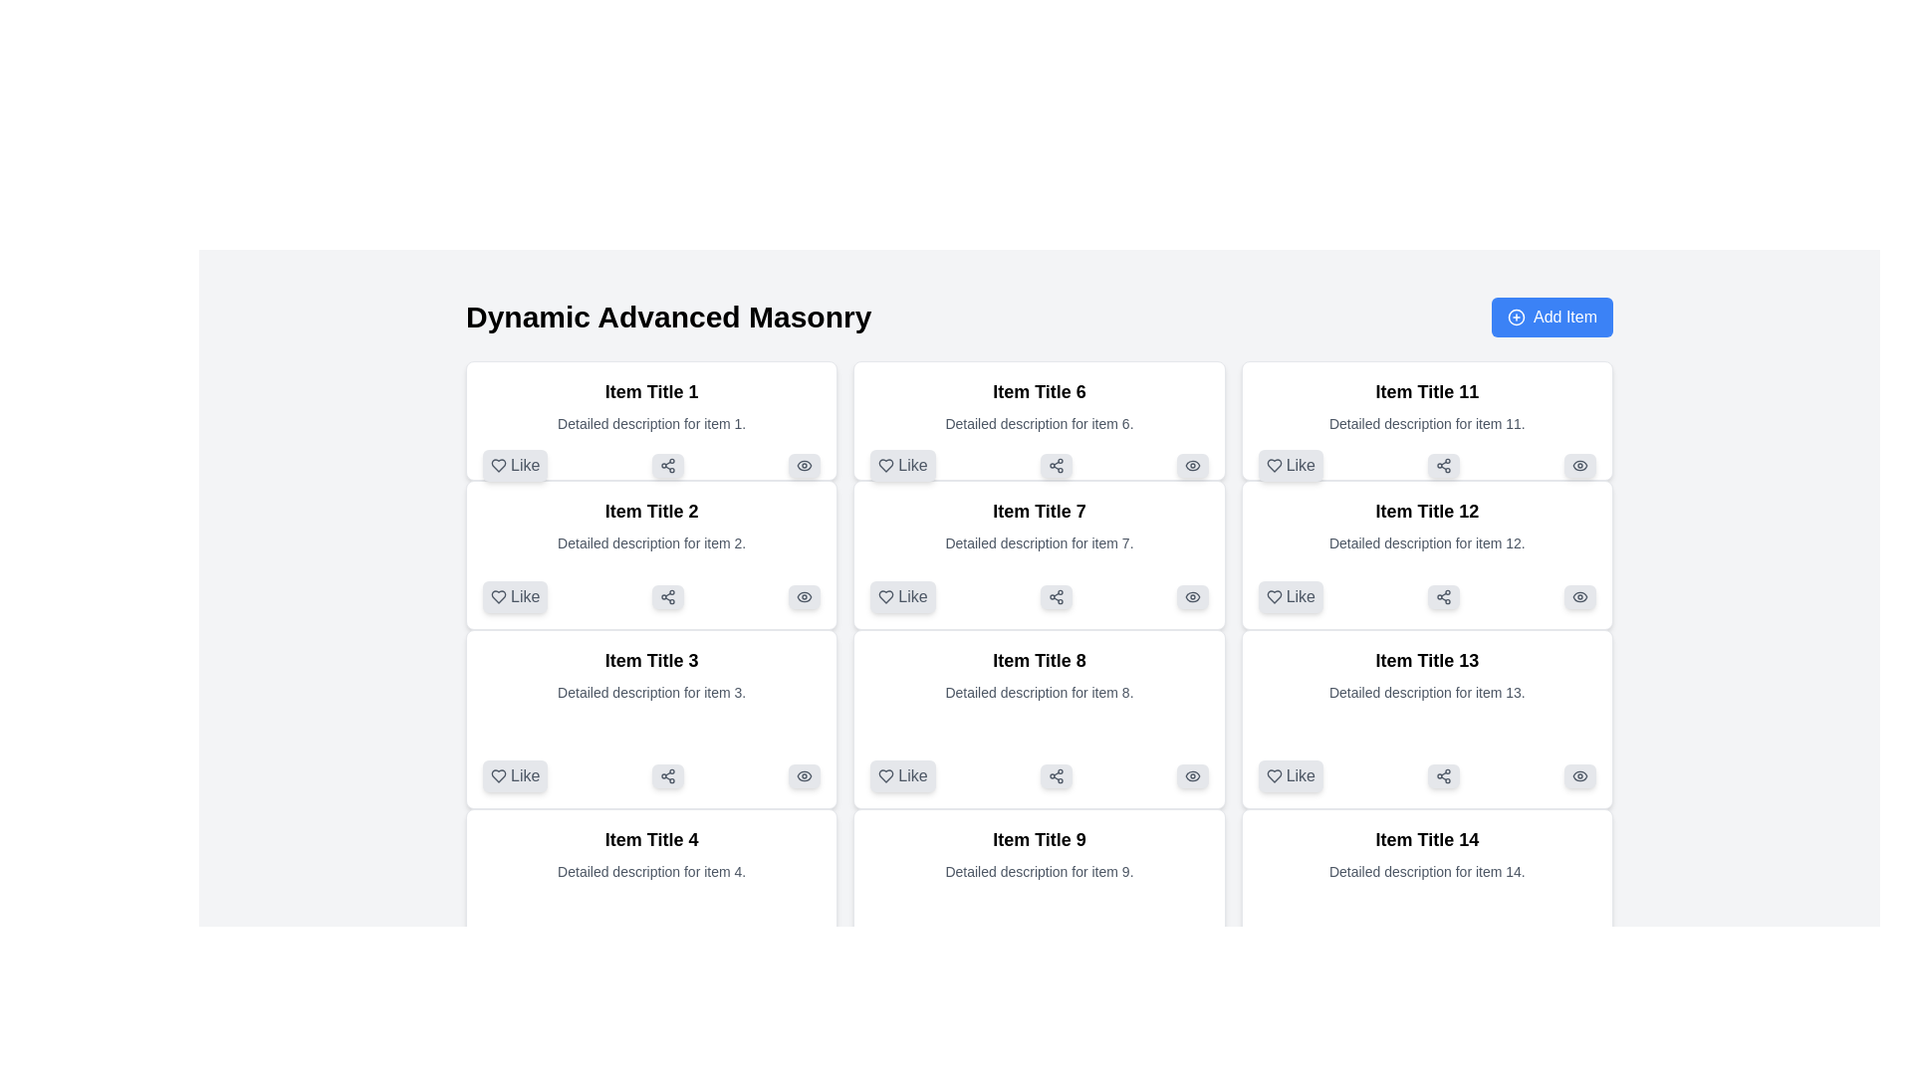 This screenshot has height=1075, width=1912. What do you see at coordinates (1273, 465) in the screenshot?
I see `the heart icon within the 'Like' button associated with 'Item Title 11'` at bounding box center [1273, 465].